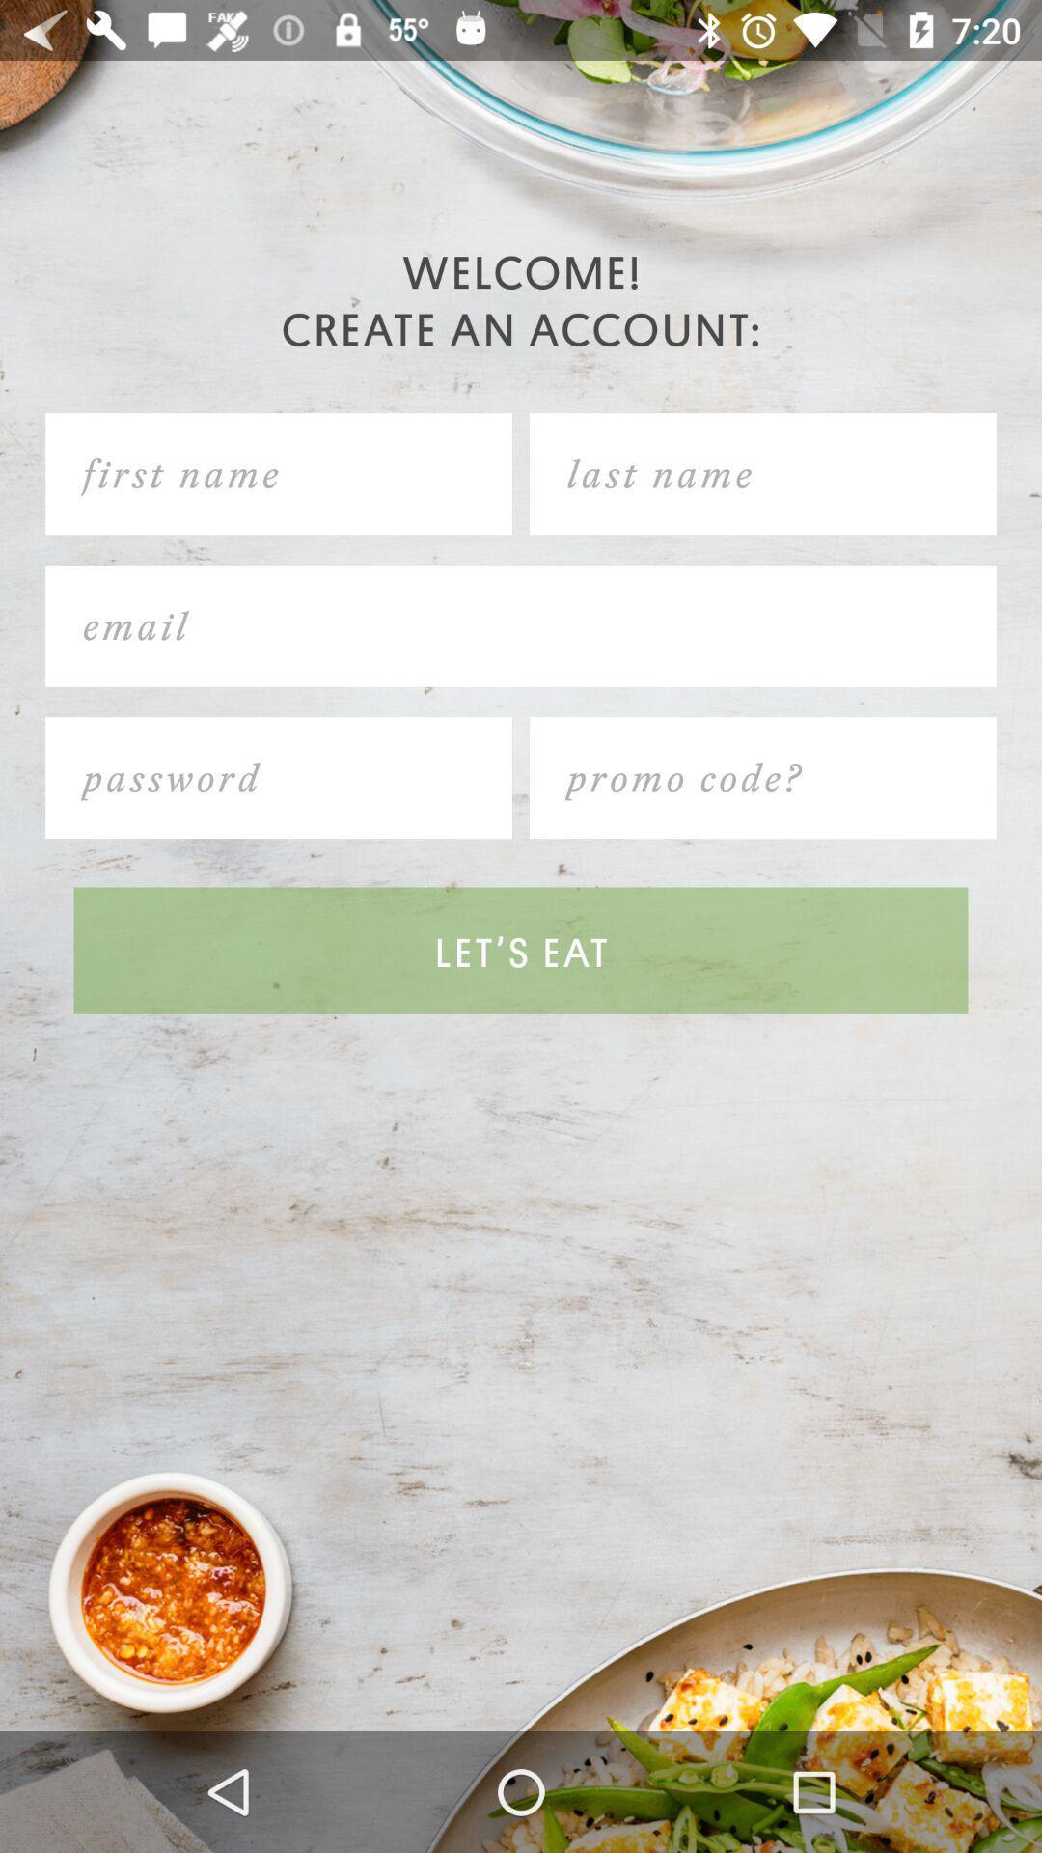 This screenshot has width=1042, height=1853. I want to click on your lastname, so click(761, 474).